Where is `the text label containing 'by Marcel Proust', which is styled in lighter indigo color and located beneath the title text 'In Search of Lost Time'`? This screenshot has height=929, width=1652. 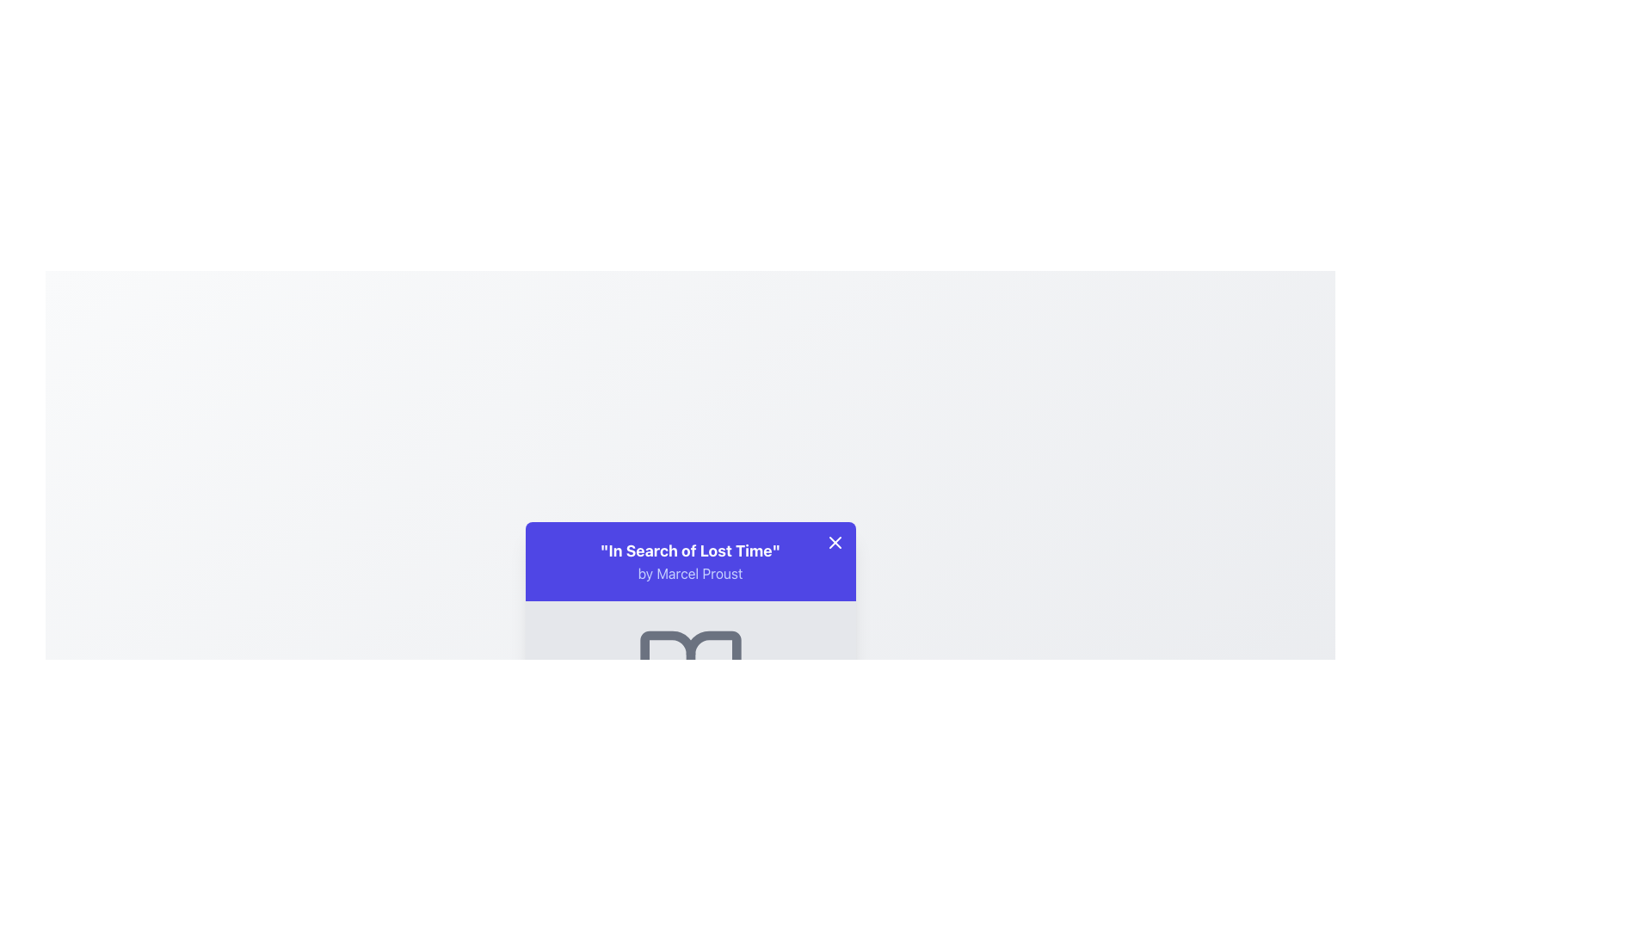
the text label containing 'by Marcel Proust', which is styled in lighter indigo color and located beneath the title text 'In Search of Lost Time' is located at coordinates (690, 574).